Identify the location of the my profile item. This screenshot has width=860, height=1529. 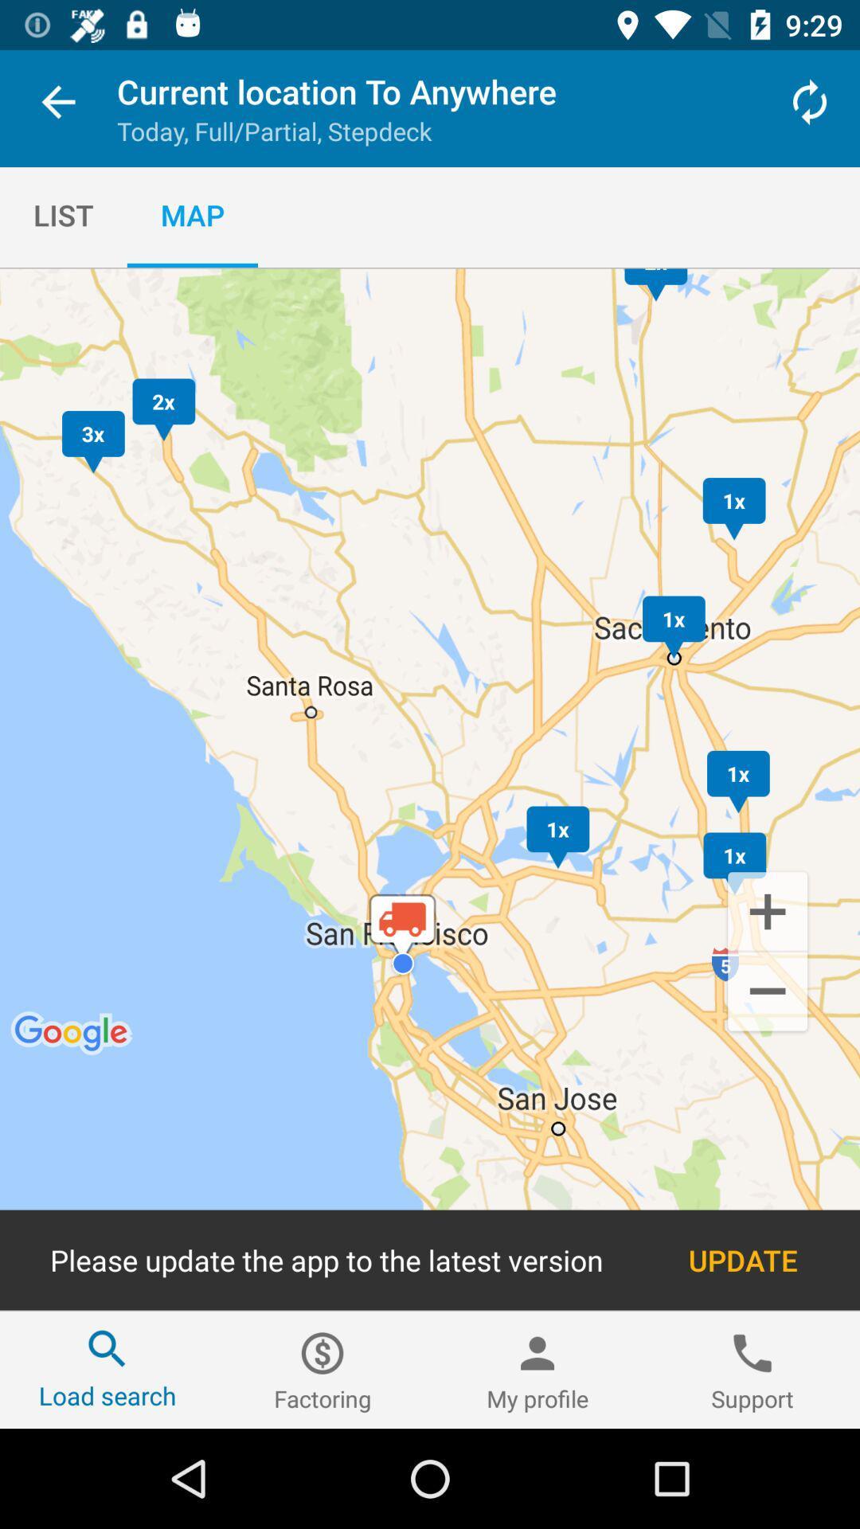
(537, 1369).